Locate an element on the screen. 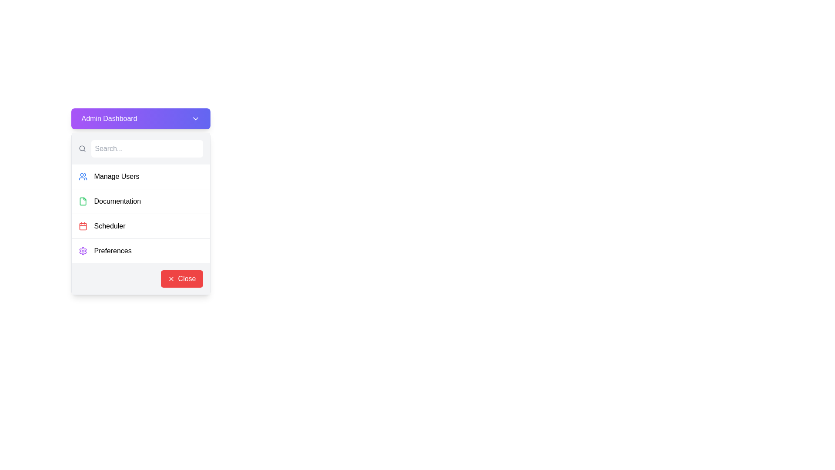 The width and height of the screenshot is (835, 470). the green file icon representing a document in the second row of the menu, which is associated with the 'Documentation' label is located at coordinates (83, 201).